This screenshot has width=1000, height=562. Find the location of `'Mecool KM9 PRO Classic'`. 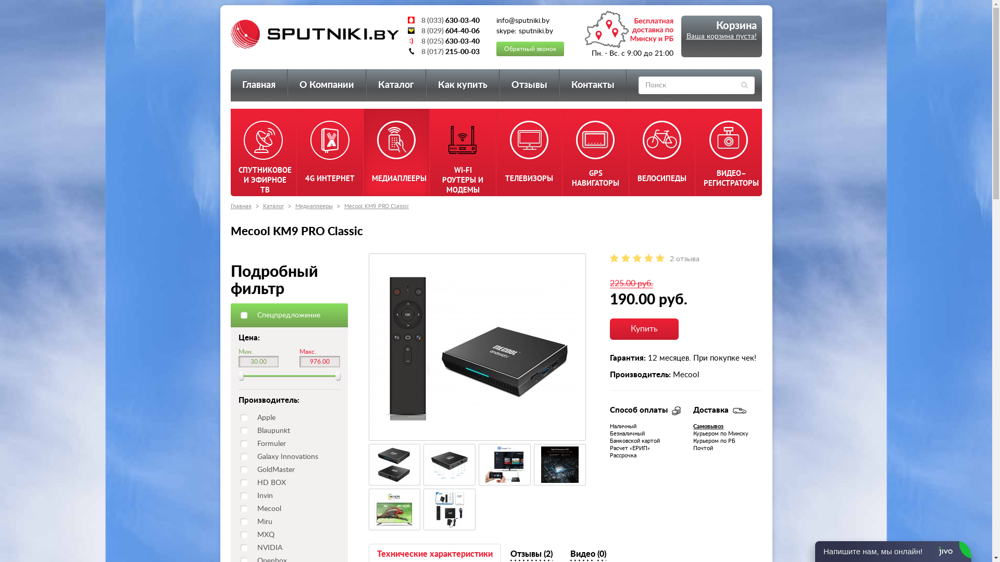

'Mecool KM9 PRO Classic' is located at coordinates (477, 347).